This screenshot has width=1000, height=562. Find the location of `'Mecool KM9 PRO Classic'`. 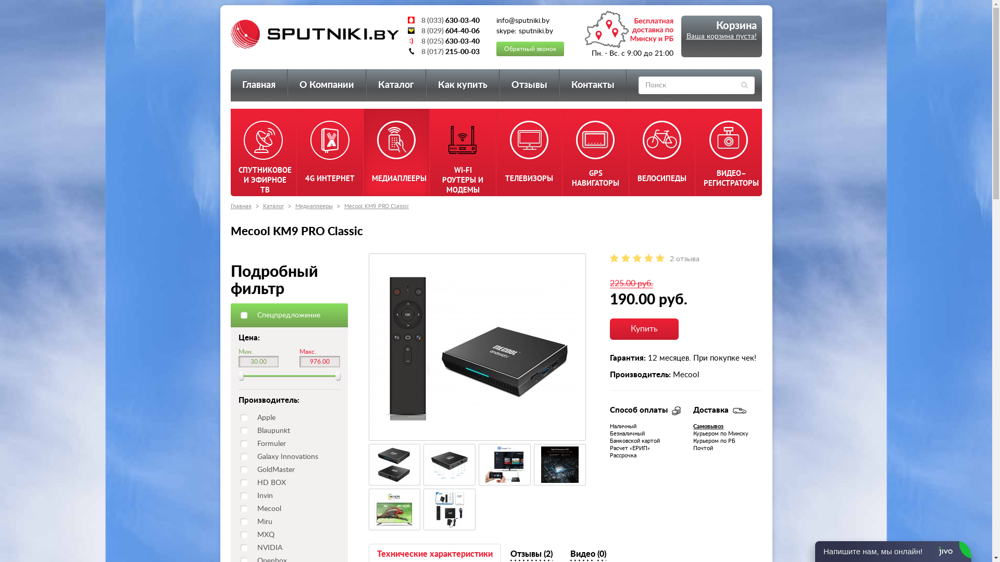

'Mecool KM9 PRO Classic' is located at coordinates (477, 347).